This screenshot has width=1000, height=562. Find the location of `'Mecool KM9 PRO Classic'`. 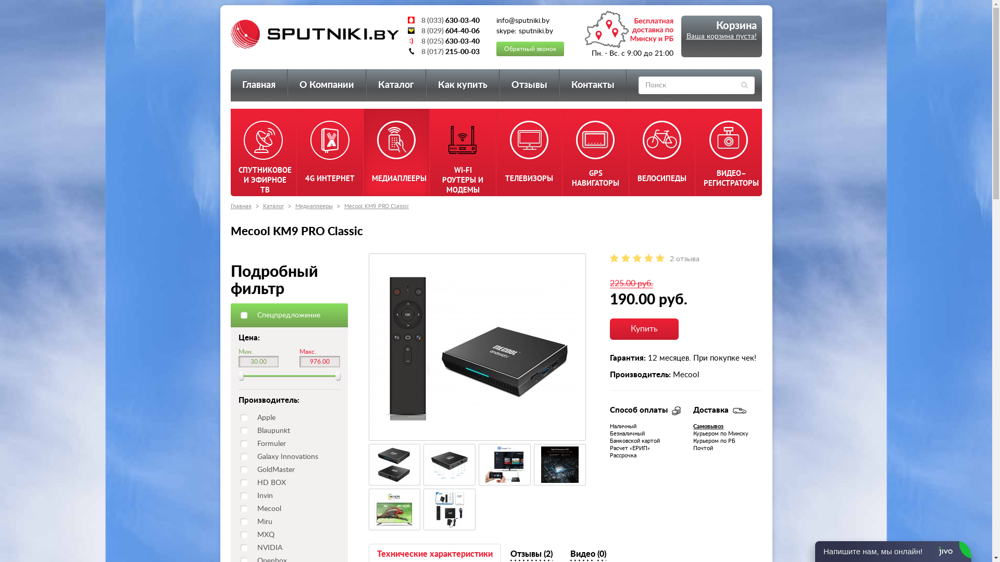

'Mecool KM9 PRO Classic' is located at coordinates (477, 347).